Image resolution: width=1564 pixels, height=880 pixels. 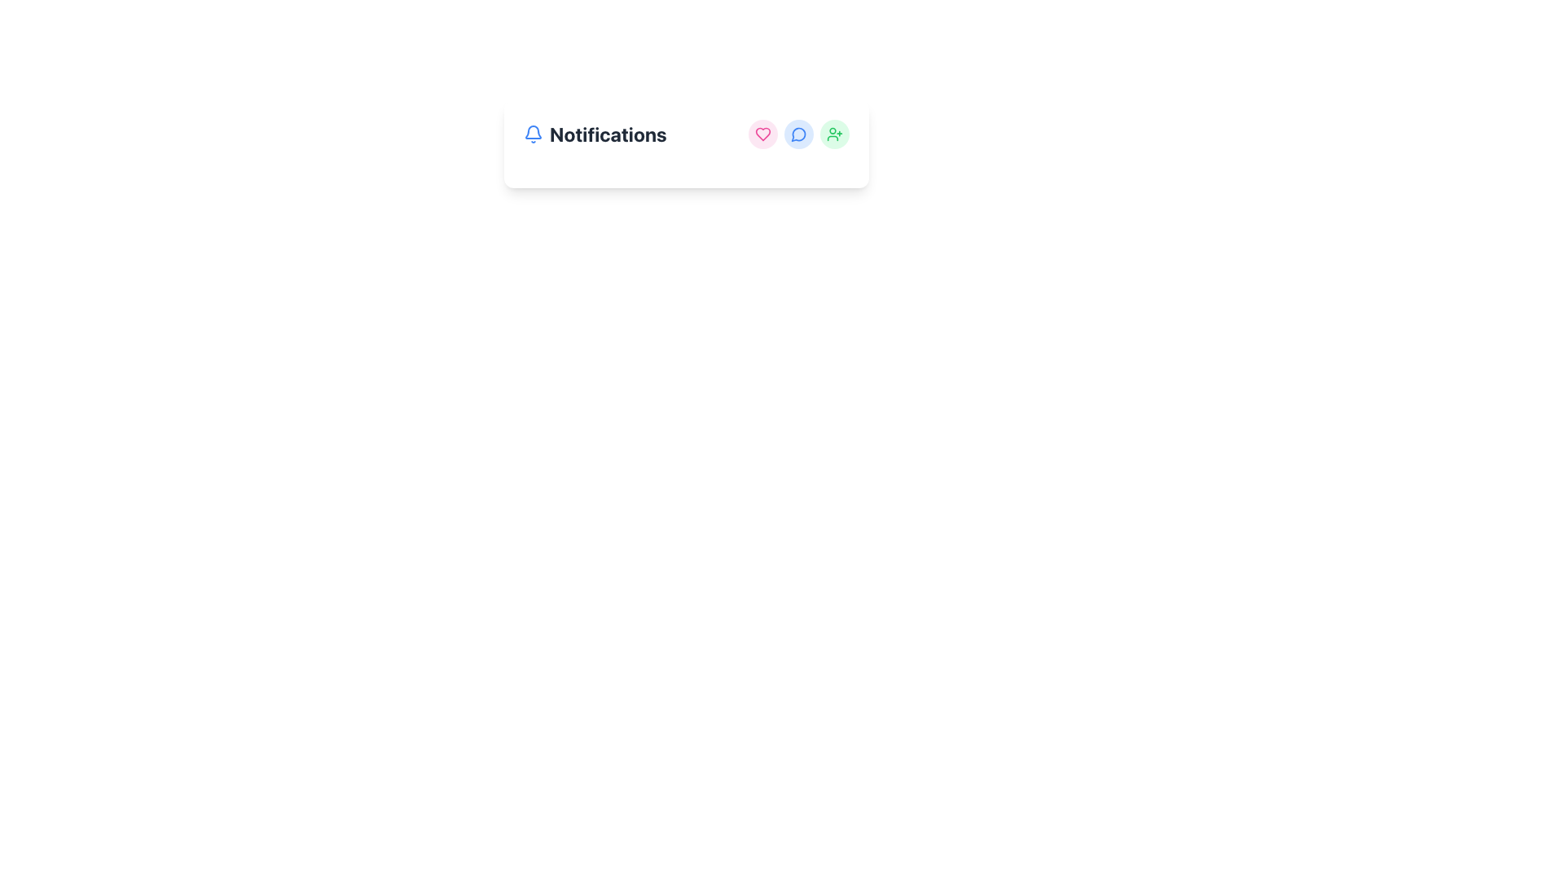 I want to click on the circular green button with a user icon and '+' symbol at its center, so click(x=835, y=134).